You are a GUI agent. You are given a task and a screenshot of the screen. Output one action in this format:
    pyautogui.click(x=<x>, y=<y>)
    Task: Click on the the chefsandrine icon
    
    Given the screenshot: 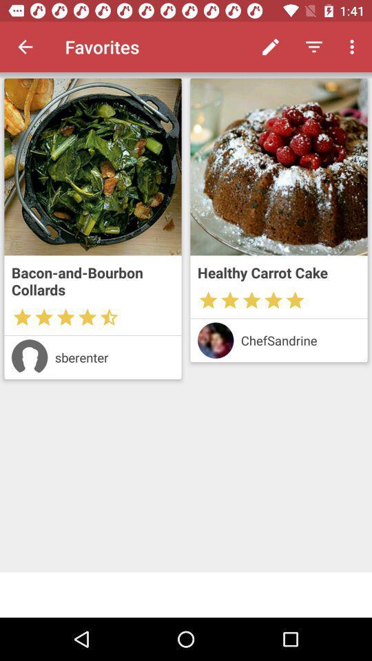 What is the action you would take?
    pyautogui.click(x=300, y=339)
    